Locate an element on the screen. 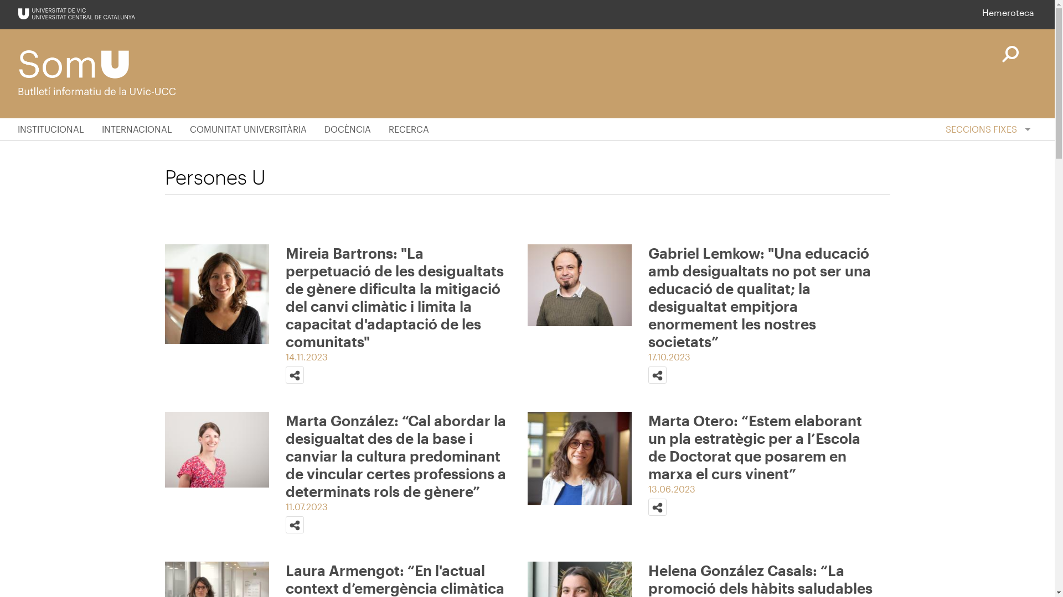 This screenshot has width=1063, height=597. 'Skip to main content' is located at coordinates (0, 0).